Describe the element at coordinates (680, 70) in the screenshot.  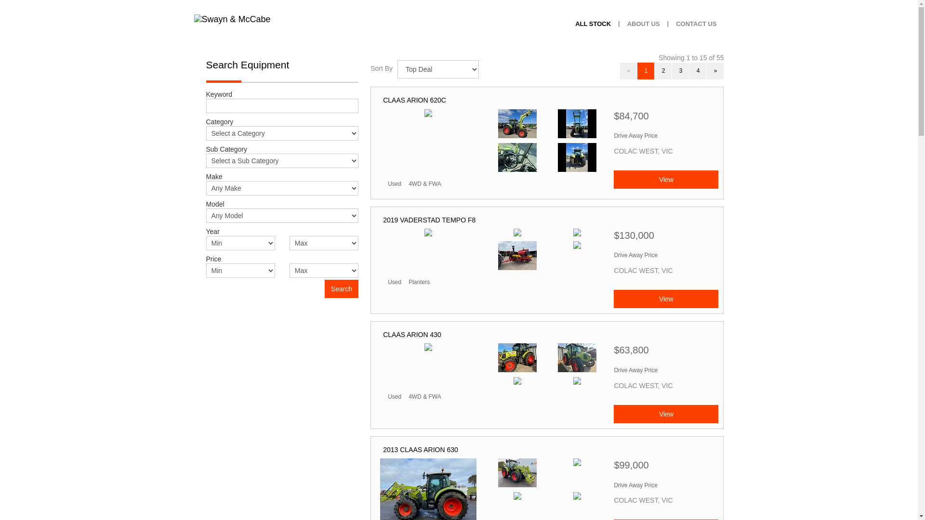
I see `'3'` at that location.